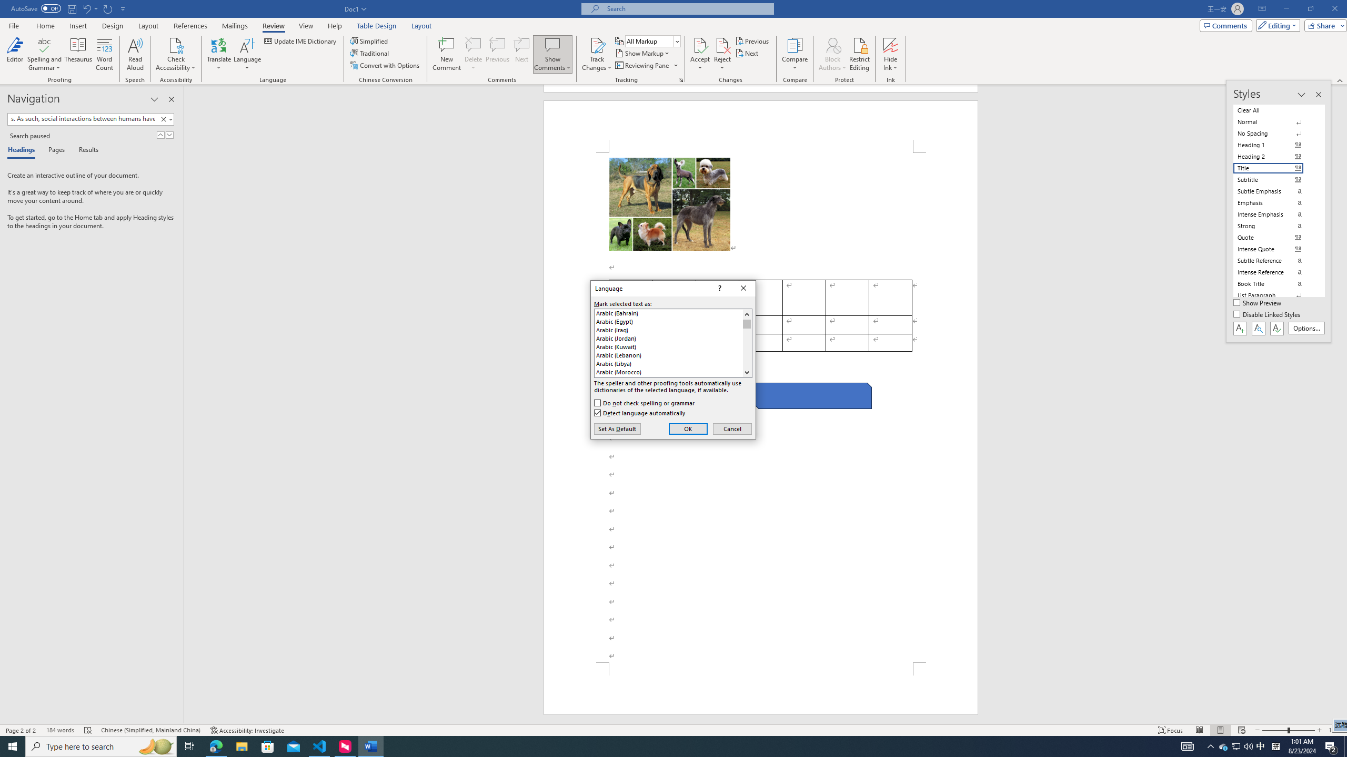  What do you see at coordinates (1259, 303) in the screenshot?
I see `'Show Preview'` at bounding box center [1259, 303].